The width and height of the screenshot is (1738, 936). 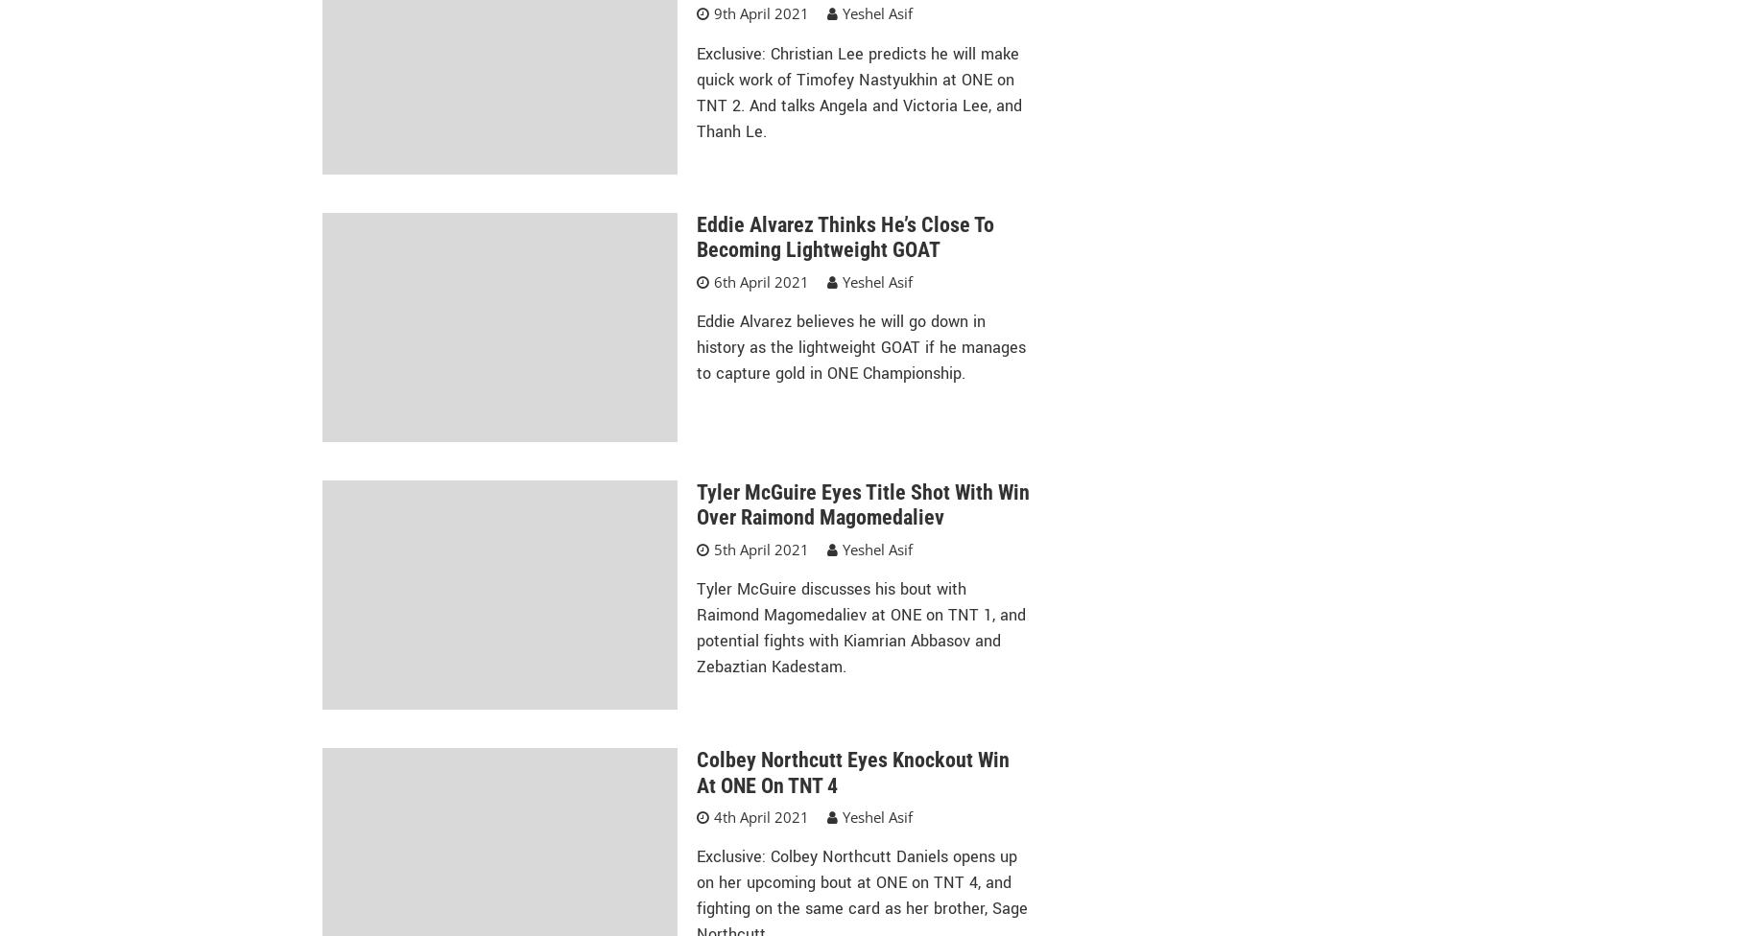 What do you see at coordinates (860, 347) in the screenshot?
I see `'Eddie Alvarez believes he will go down in history as the lightweight GOAT if he manages to capture gold in ONE Championship.'` at bounding box center [860, 347].